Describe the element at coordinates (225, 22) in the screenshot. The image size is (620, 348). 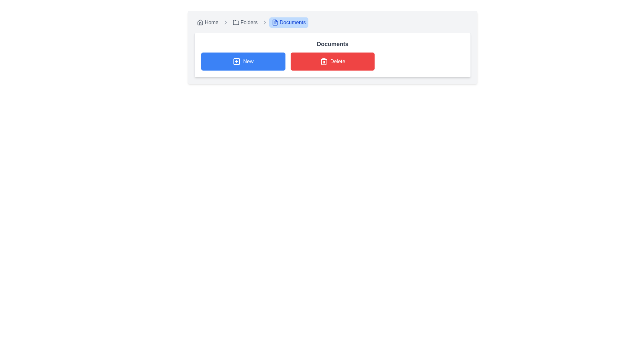
I see `the rightward-pointing chevron icon in the breadcrumb navigation bar, which serves as a separator between 'Folders' and 'Documents'` at that location.